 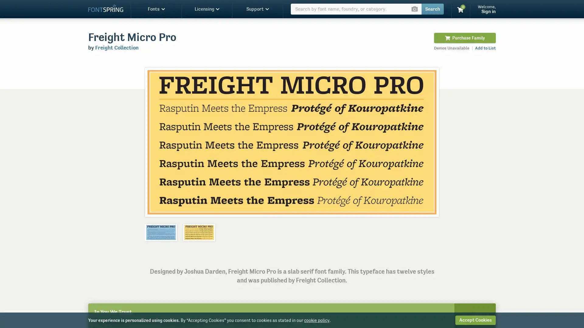 What do you see at coordinates (485, 48) in the screenshot?
I see `Add to List` at bounding box center [485, 48].